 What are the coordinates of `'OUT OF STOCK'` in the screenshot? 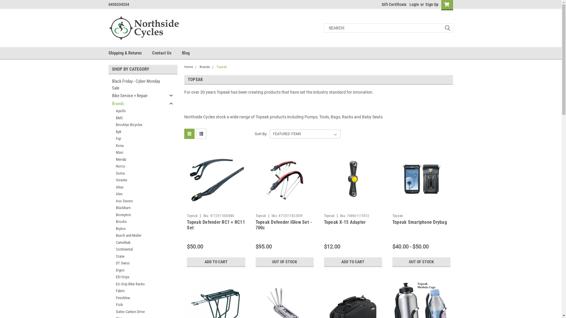 It's located at (421, 262).